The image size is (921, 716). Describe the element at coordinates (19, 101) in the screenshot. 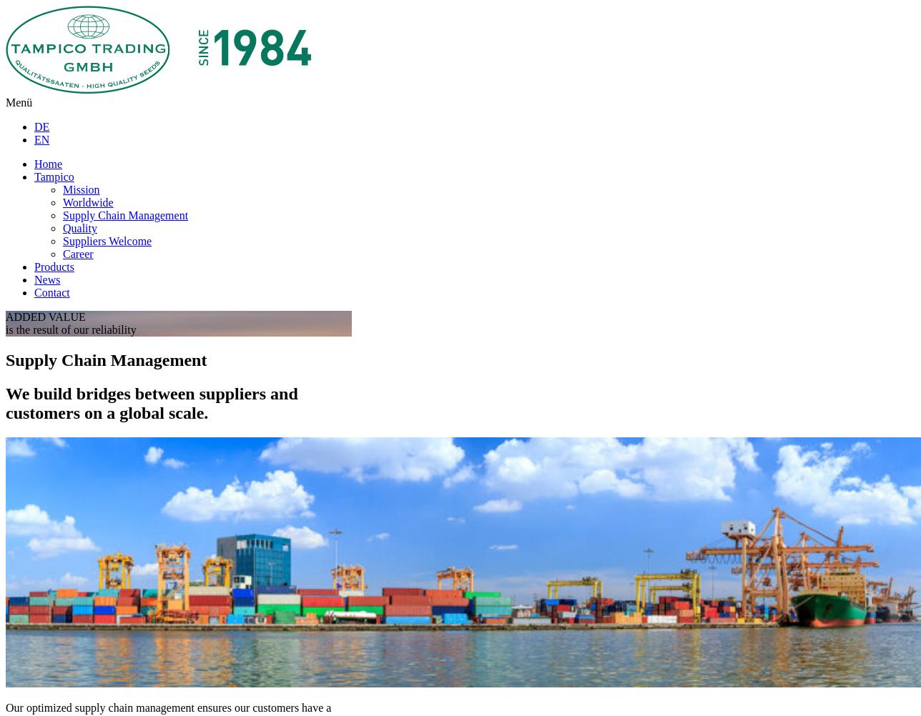

I see `'Menü'` at that location.